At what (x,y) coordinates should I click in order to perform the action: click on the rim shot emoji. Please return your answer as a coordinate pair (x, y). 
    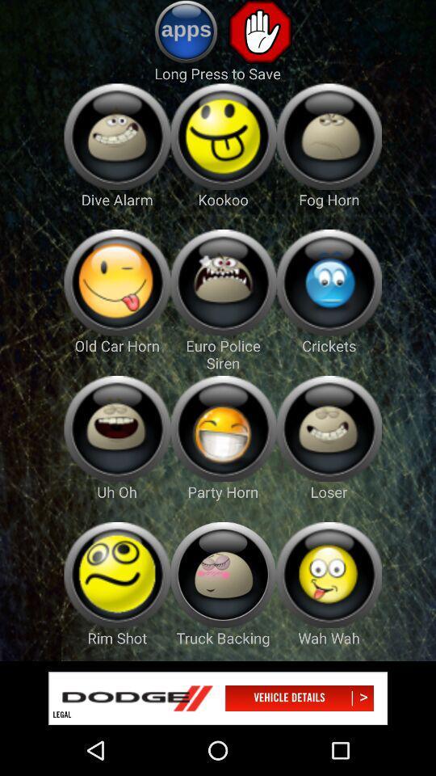
    Looking at the image, I should click on (116, 575).